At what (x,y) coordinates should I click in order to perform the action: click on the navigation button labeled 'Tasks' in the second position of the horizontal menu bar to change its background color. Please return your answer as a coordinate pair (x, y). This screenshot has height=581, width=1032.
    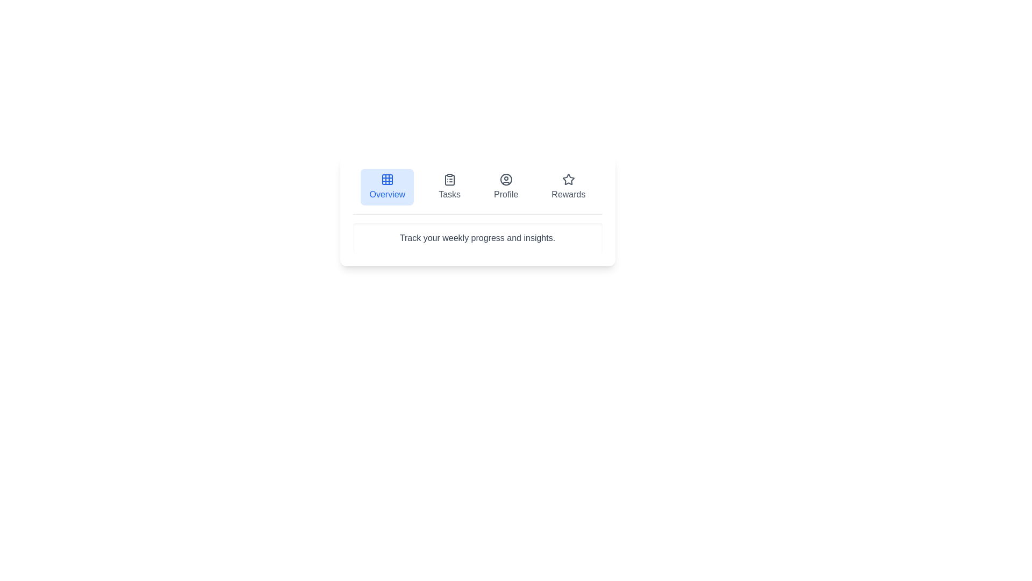
    Looking at the image, I should click on (449, 186).